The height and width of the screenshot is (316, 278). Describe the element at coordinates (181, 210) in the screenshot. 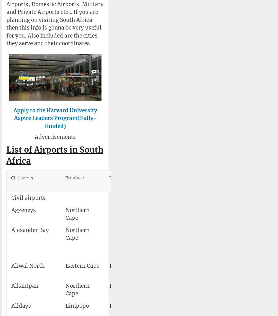

I see `'Aggeneys Airport'` at that location.